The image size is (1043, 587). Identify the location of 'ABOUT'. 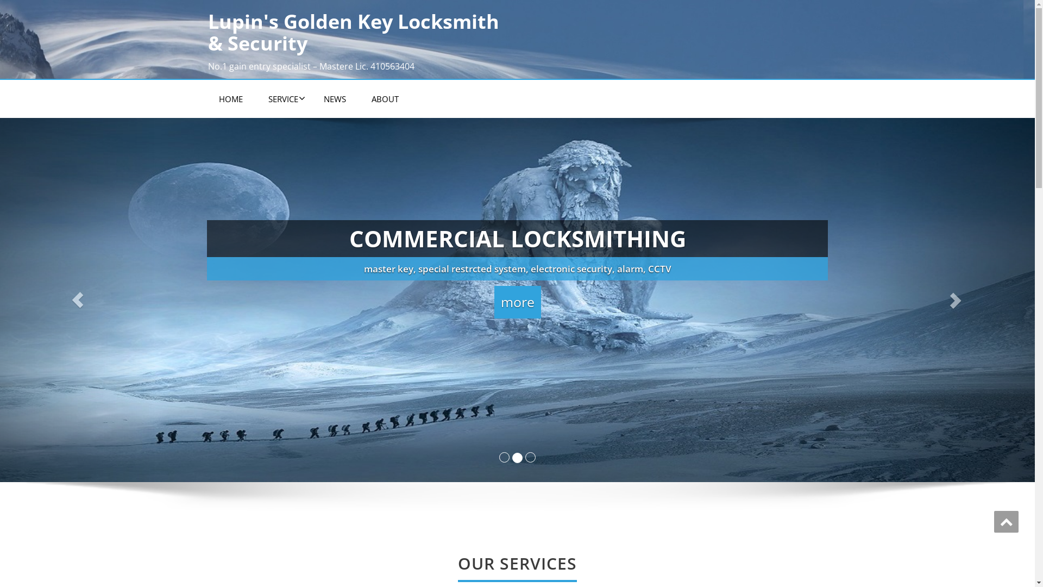
(385, 98).